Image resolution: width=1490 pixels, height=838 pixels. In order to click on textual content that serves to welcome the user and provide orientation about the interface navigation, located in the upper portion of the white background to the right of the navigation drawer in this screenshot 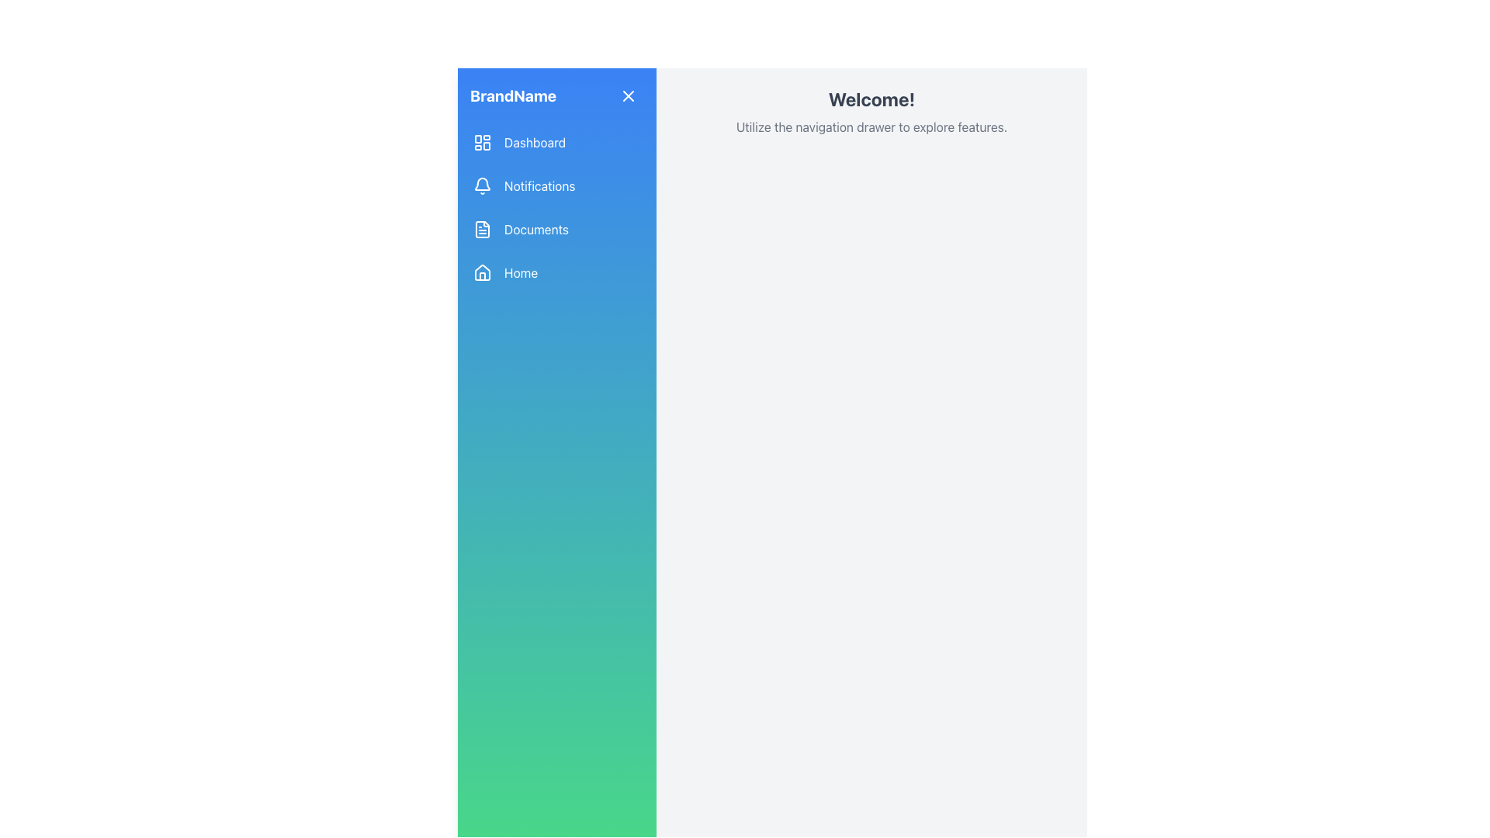, I will do `click(871, 110)`.